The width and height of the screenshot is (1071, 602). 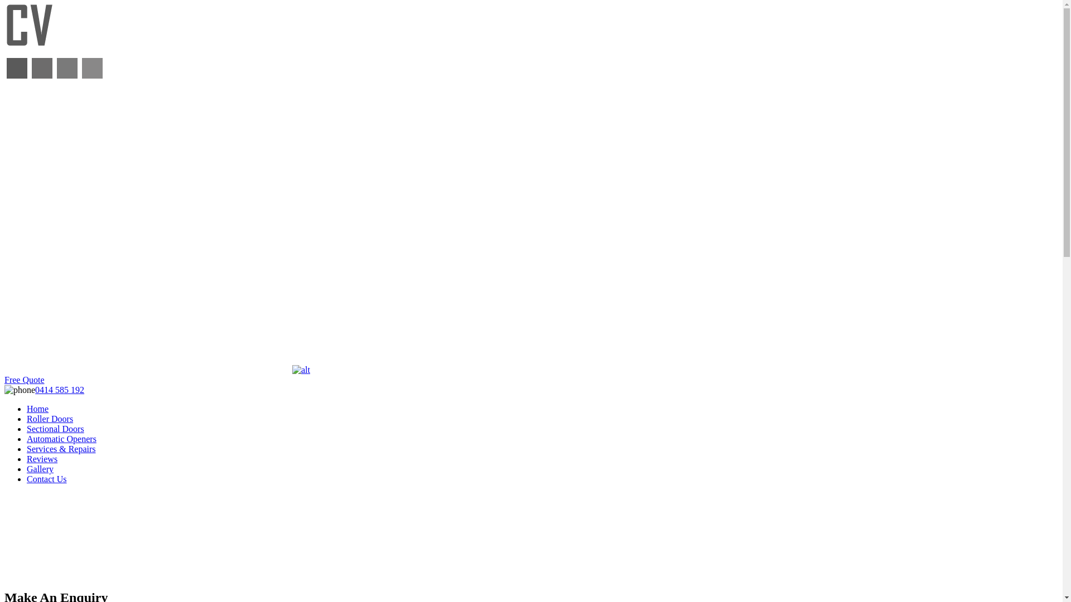 What do you see at coordinates (40, 469) in the screenshot?
I see `'Gallery'` at bounding box center [40, 469].